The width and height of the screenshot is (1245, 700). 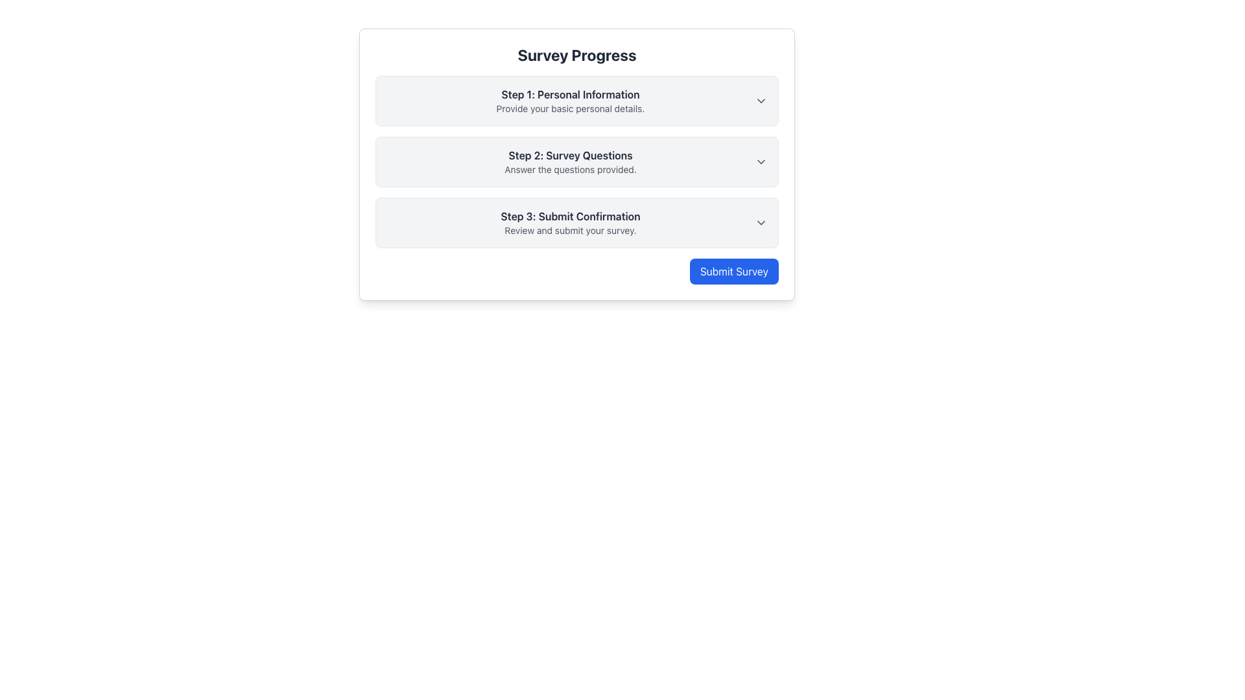 What do you see at coordinates (570, 229) in the screenshot?
I see `the descriptive text element located directly beneath the heading 'Step 3: Submit Confirmation' in the survey process` at bounding box center [570, 229].